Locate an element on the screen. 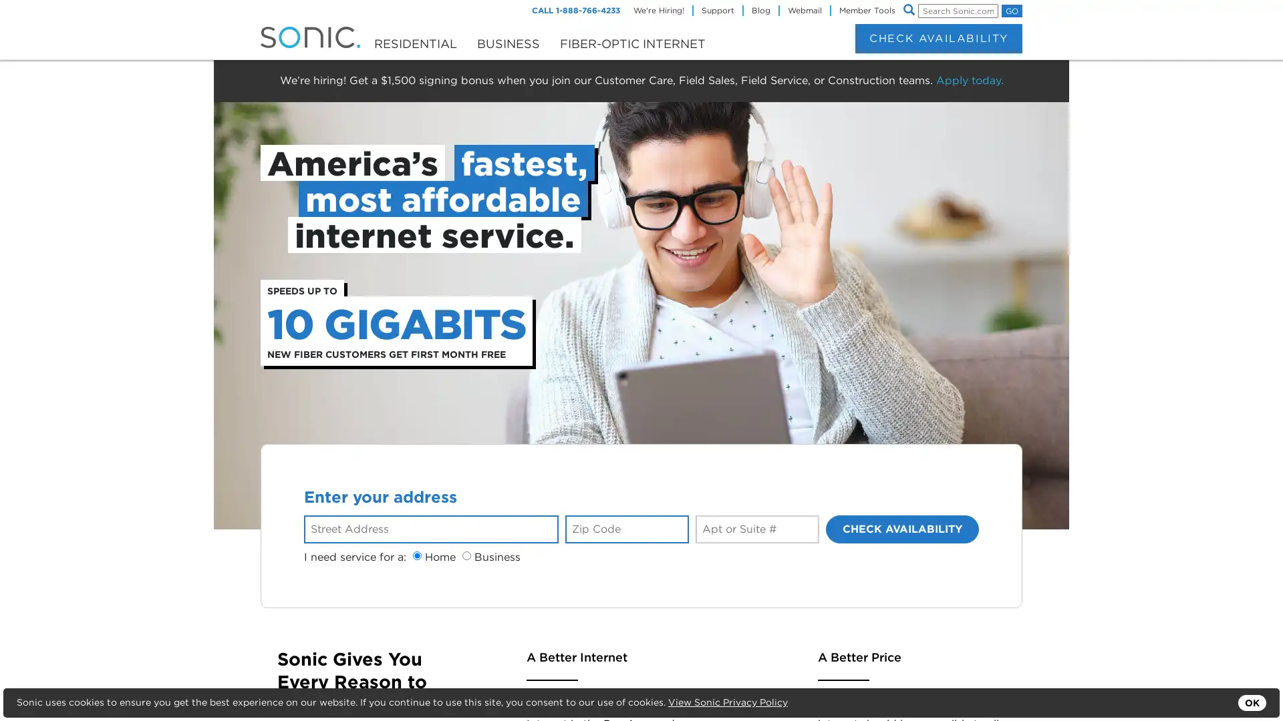 Image resolution: width=1283 pixels, height=721 pixels. GO is located at coordinates (1012, 11).